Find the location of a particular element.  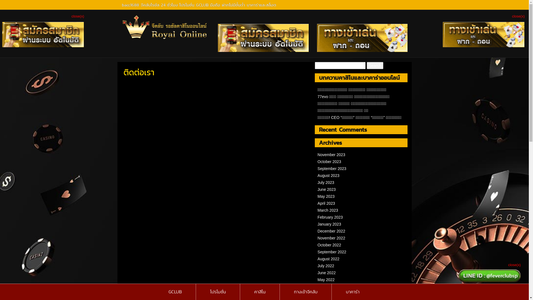

'July 2022' is located at coordinates (326, 265).